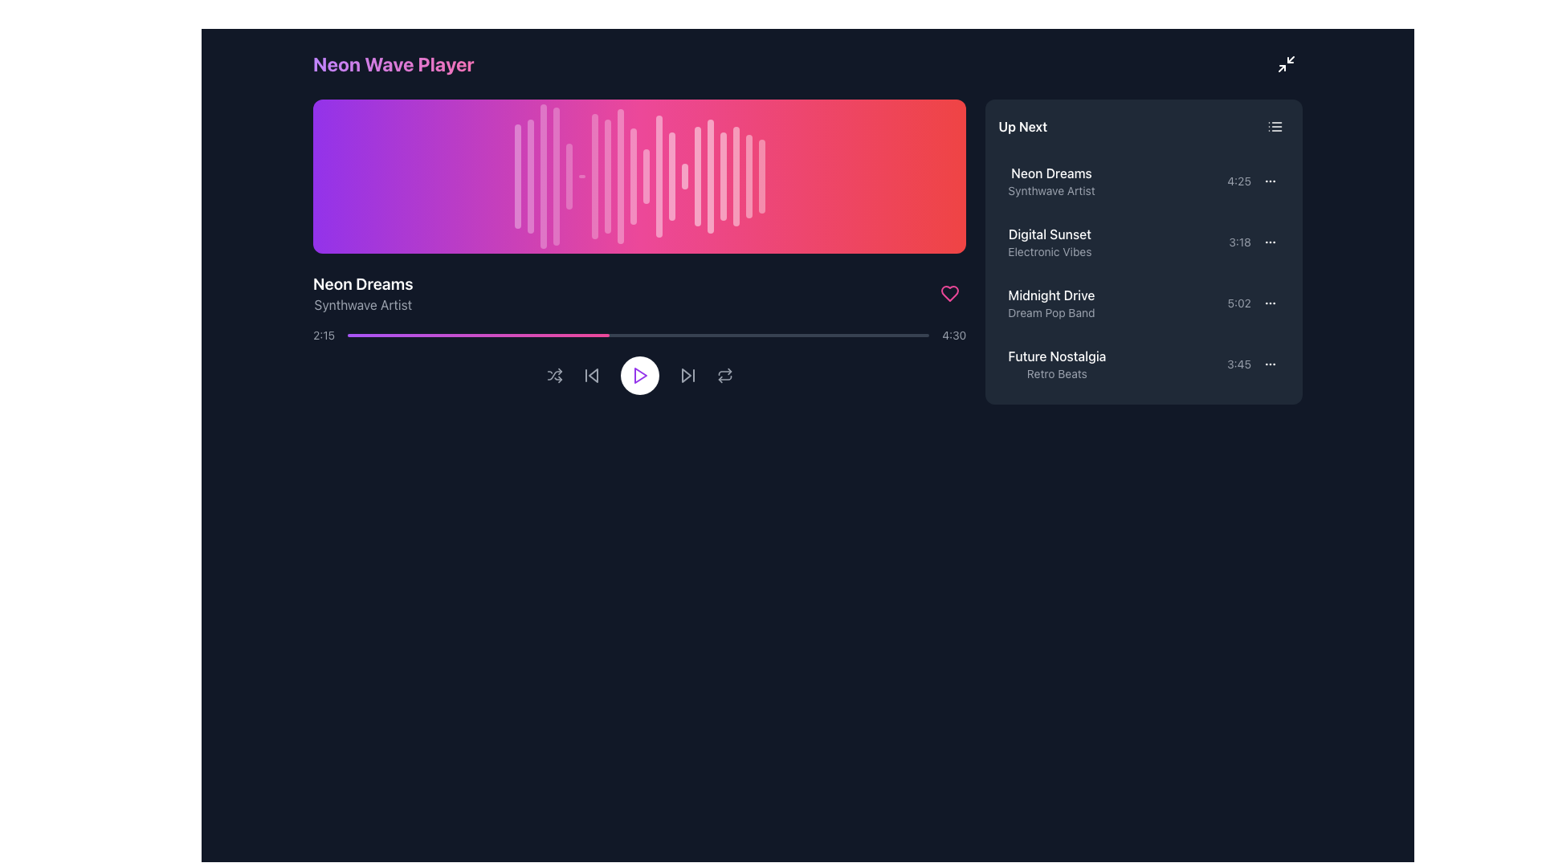  I want to click on the text display element that shows 'Neon Dreams' in large, bold white font and 'Synthwave Artist' in smaller gray font, located in the lower-left part of the interface, so click(362, 294).